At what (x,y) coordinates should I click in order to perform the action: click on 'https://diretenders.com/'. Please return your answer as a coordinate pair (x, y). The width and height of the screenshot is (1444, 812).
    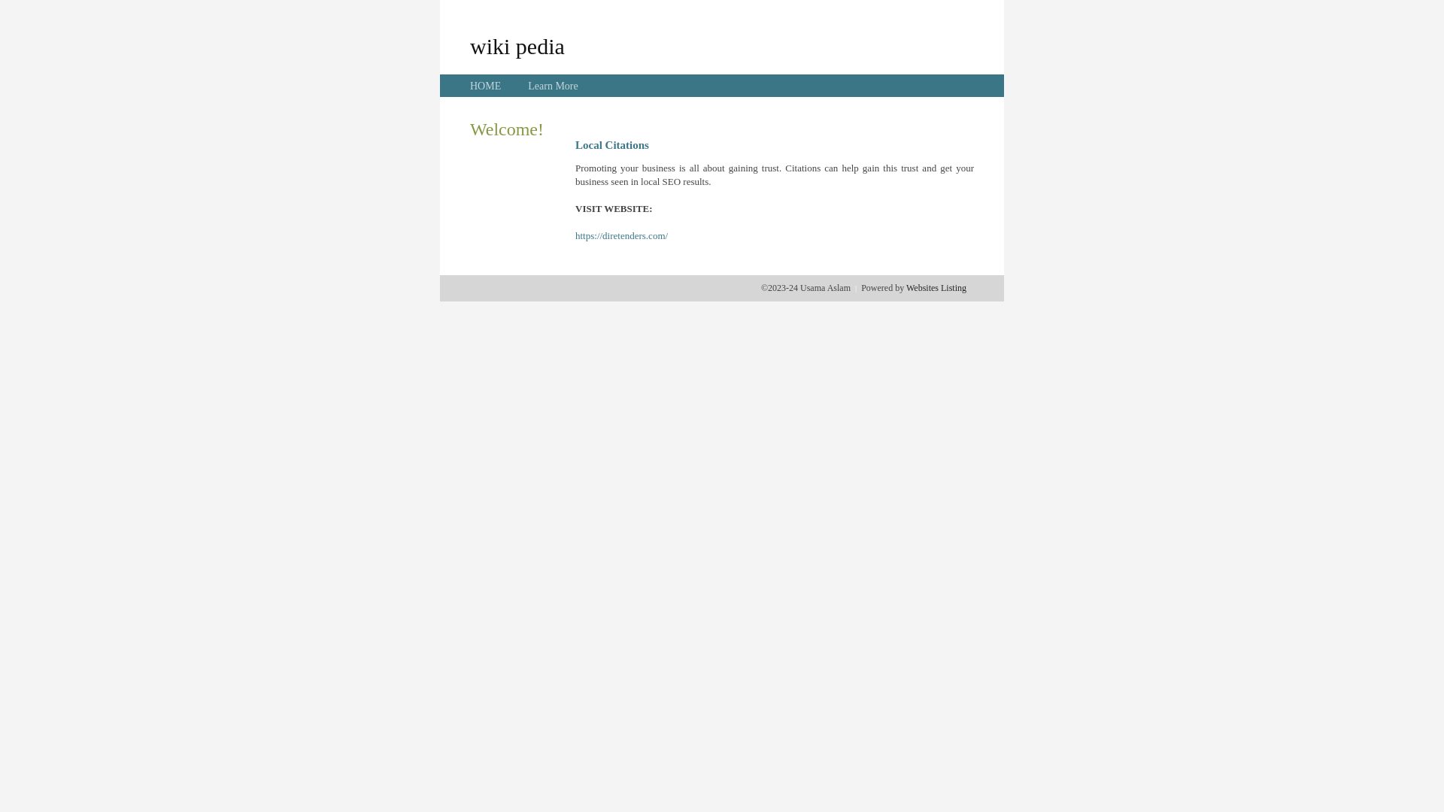
    Looking at the image, I should click on (621, 235).